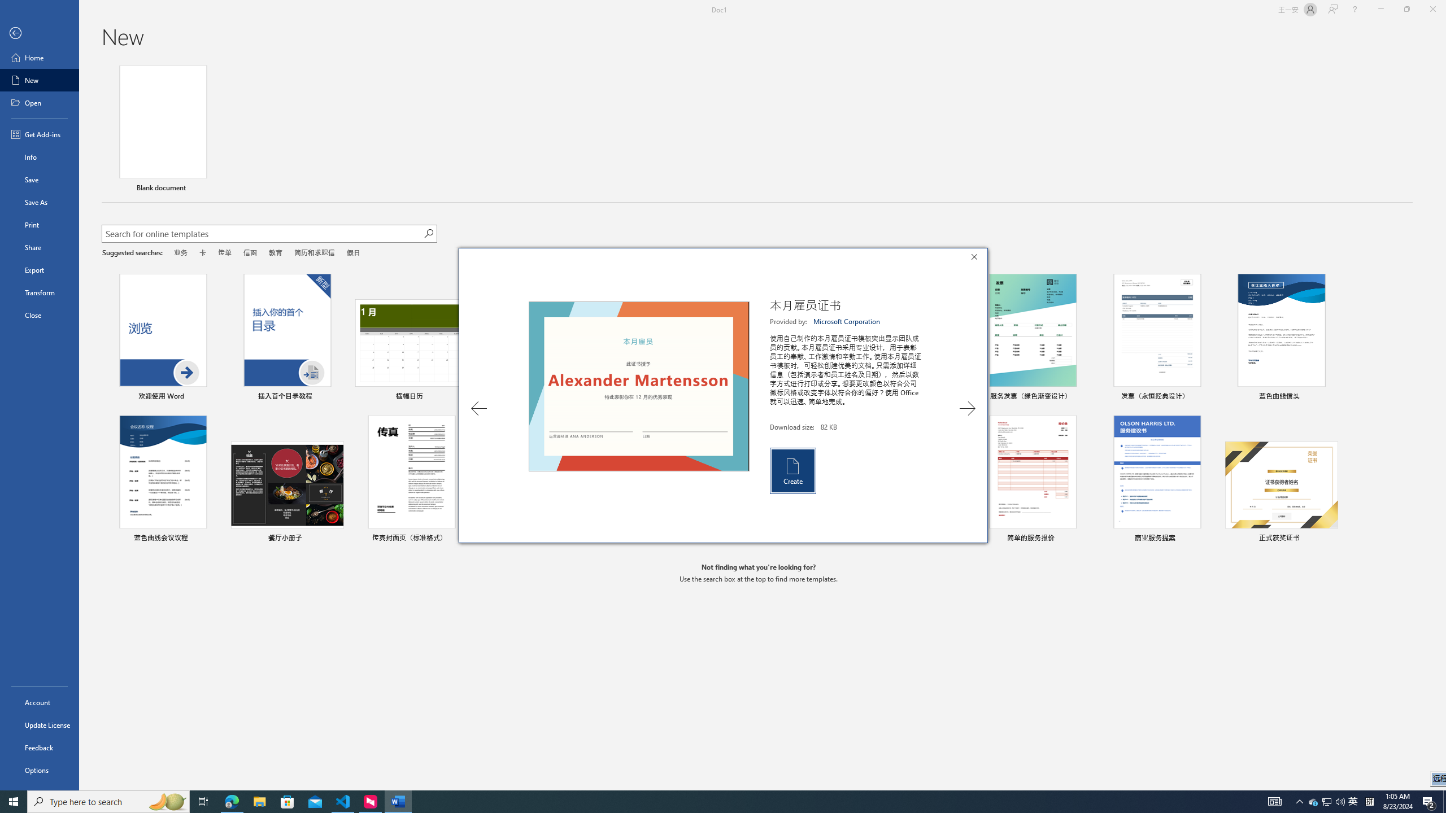 Image resolution: width=1446 pixels, height=813 pixels. What do you see at coordinates (39, 748) in the screenshot?
I see `'Feedback'` at bounding box center [39, 748].